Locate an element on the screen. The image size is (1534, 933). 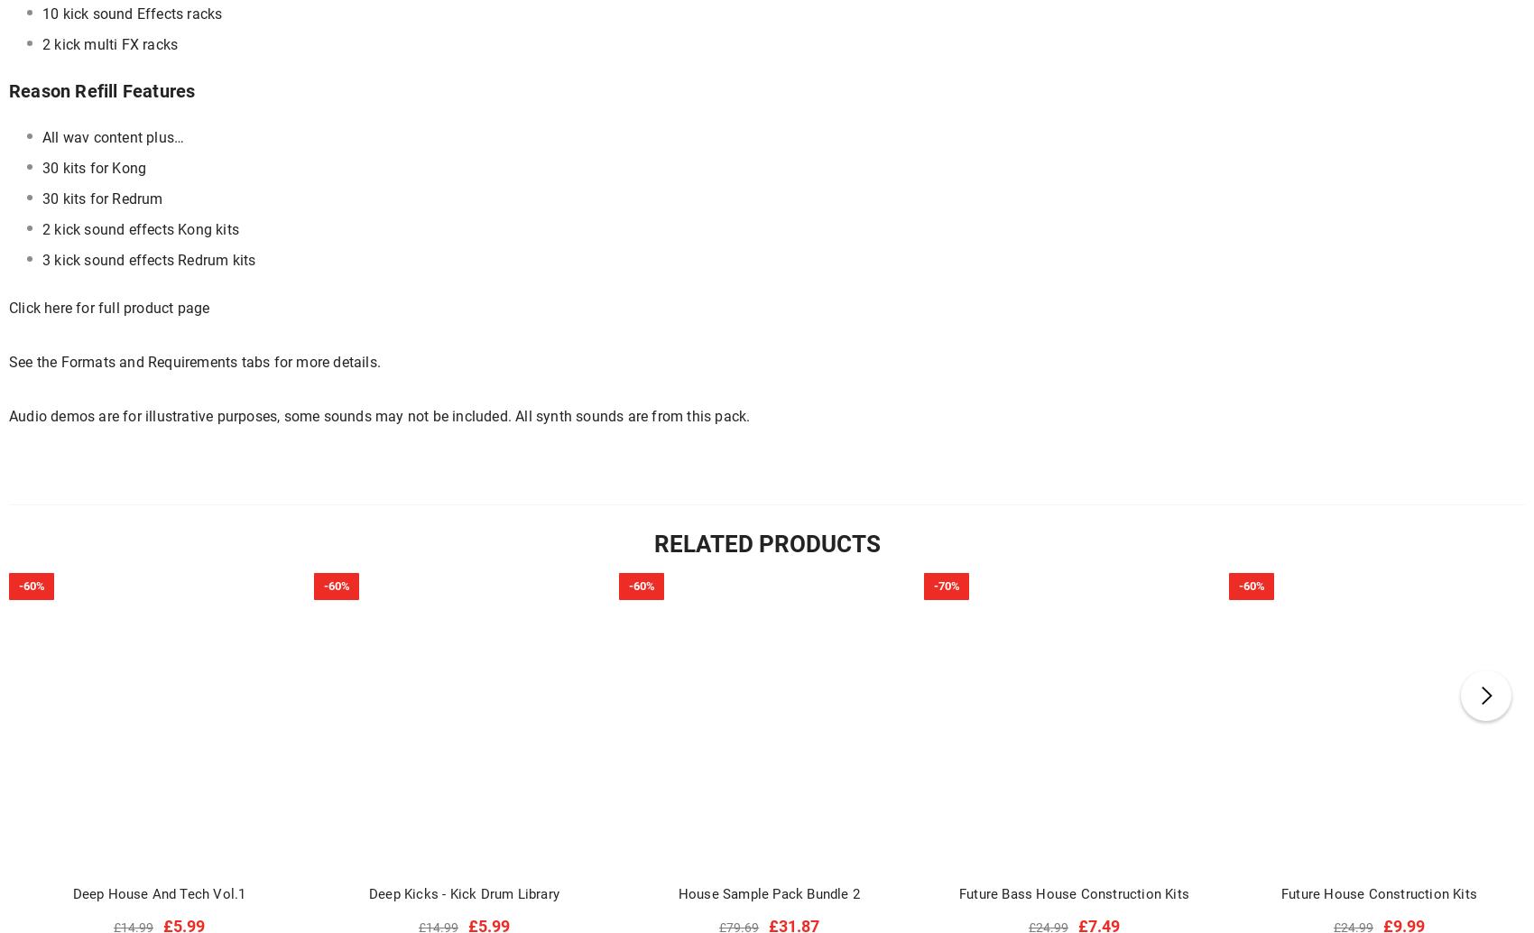
'-70%' is located at coordinates (945, 586).